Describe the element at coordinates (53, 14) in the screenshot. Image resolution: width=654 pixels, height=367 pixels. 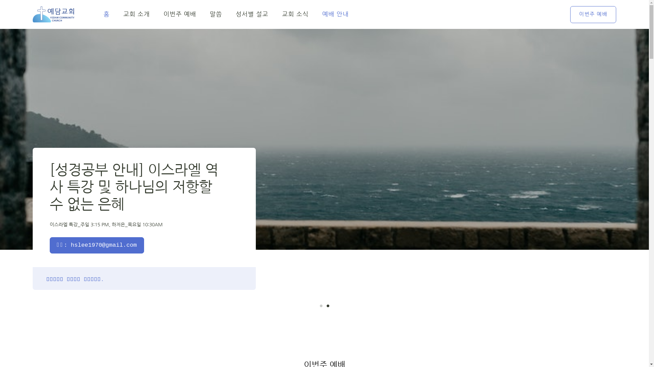
I see `'yedam_logo_primary'` at that location.